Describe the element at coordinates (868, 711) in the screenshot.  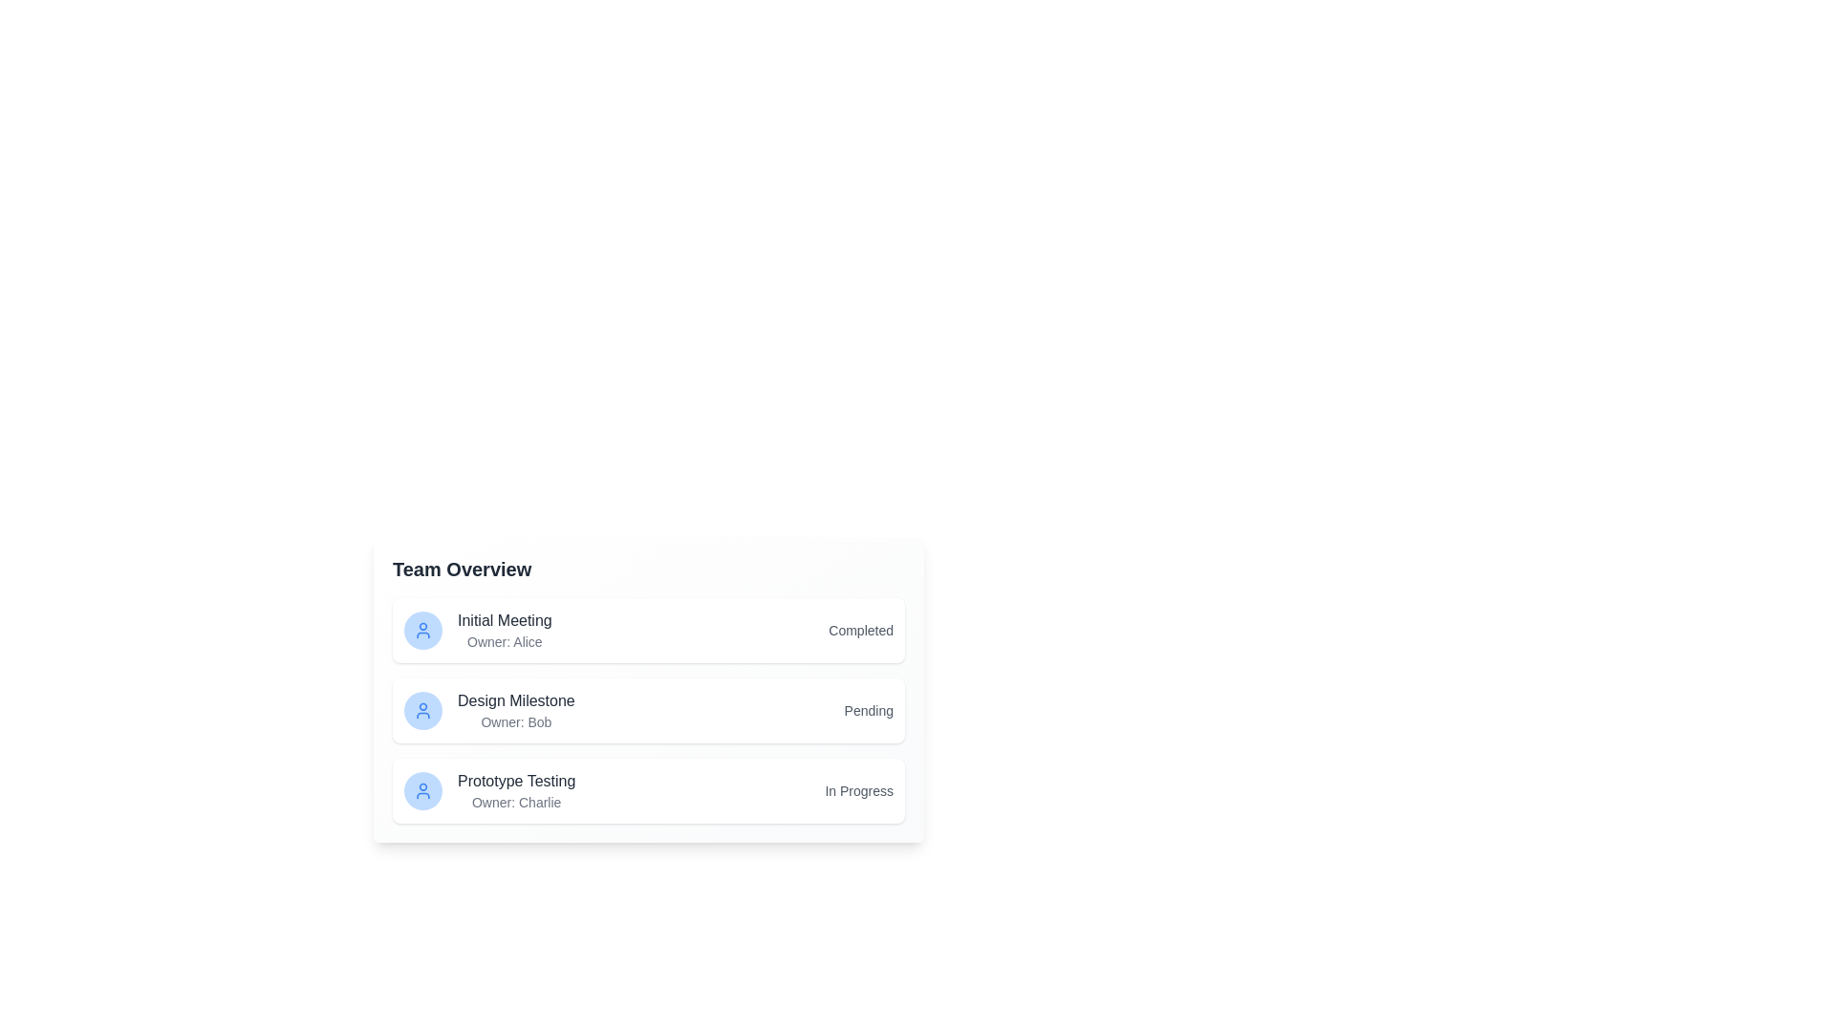
I see `the 'Pending' status text label located in the bottom-right corner of the 'Design Milestone' card` at that location.